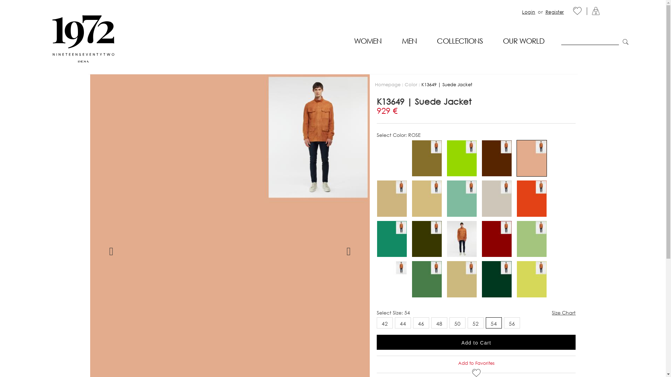 This screenshot has height=377, width=671. What do you see at coordinates (524, 42) in the screenshot?
I see `'OUR WORLD'` at bounding box center [524, 42].